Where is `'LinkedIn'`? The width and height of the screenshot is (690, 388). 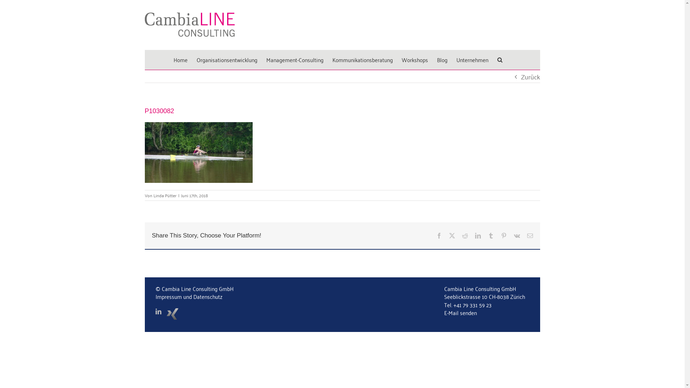 'LinkedIn' is located at coordinates (478, 235).